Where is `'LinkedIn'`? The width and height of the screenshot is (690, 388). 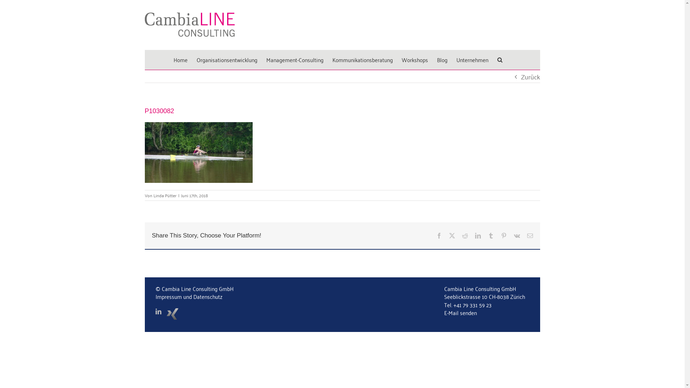 'LinkedIn' is located at coordinates (478, 235).